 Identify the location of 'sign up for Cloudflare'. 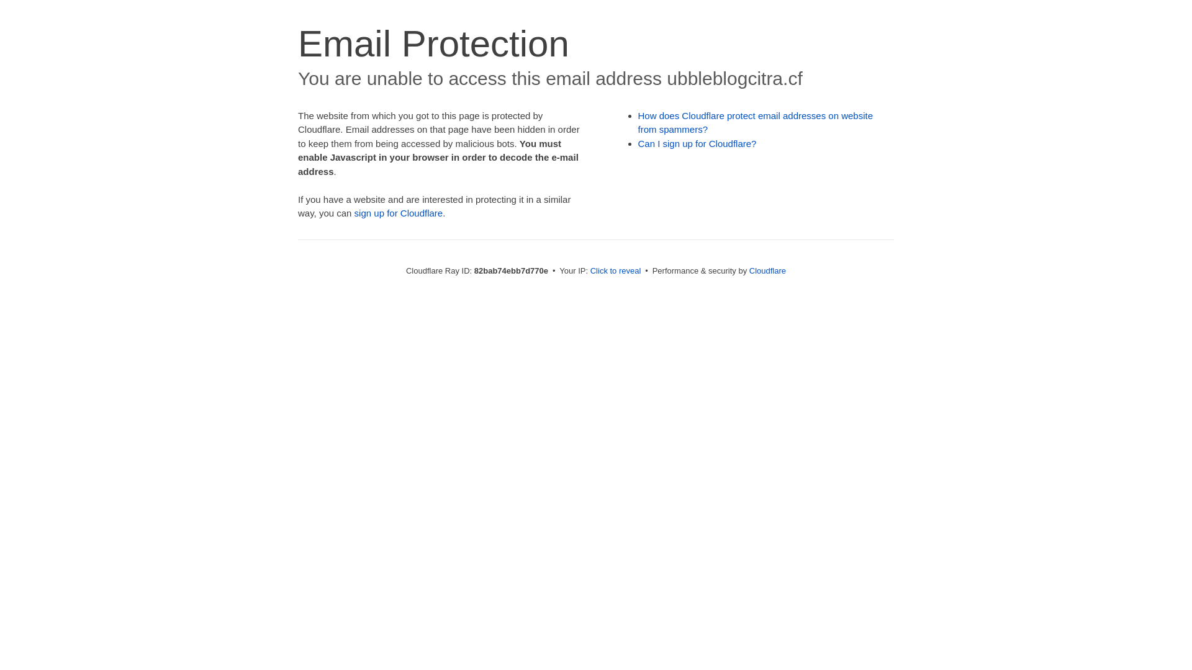
(399, 212).